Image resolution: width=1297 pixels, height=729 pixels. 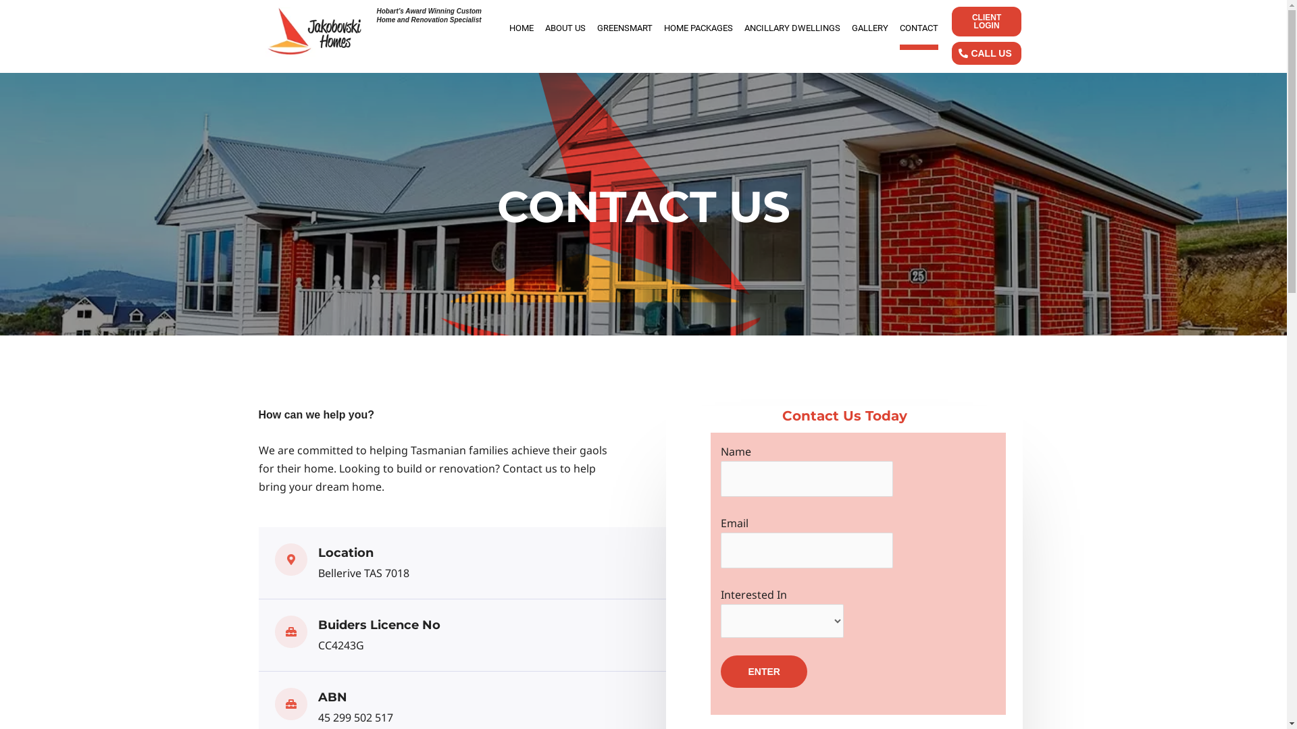 What do you see at coordinates (986, 21) in the screenshot?
I see `'CLIENT LOGIN'` at bounding box center [986, 21].